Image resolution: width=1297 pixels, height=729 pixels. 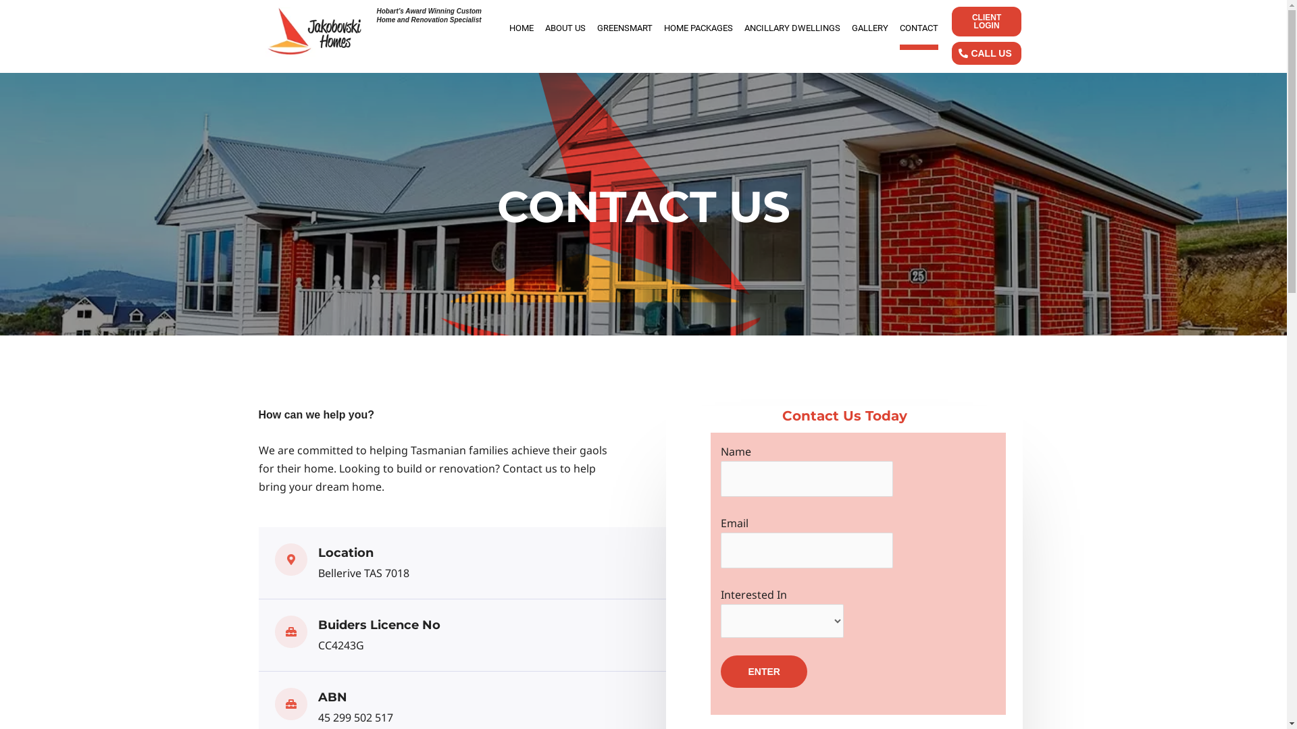 What do you see at coordinates (986, 21) in the screenshot?
I see `'CLIENT LOGIN'` at bounding box center [986, 21].